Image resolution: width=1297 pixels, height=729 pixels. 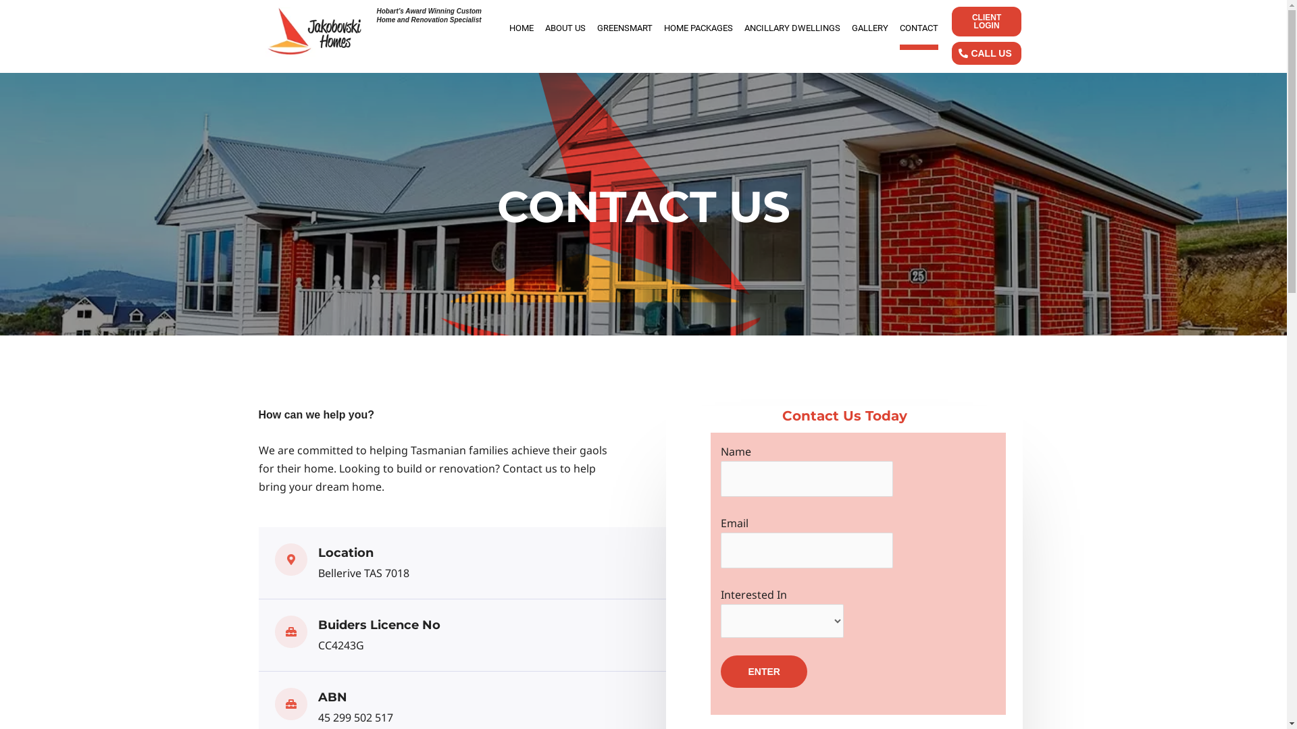 What do you see at coordinates (986, 21) in the screenshot?
I see `'CLIENT LOGIN'` at bounding box center [986, 21].